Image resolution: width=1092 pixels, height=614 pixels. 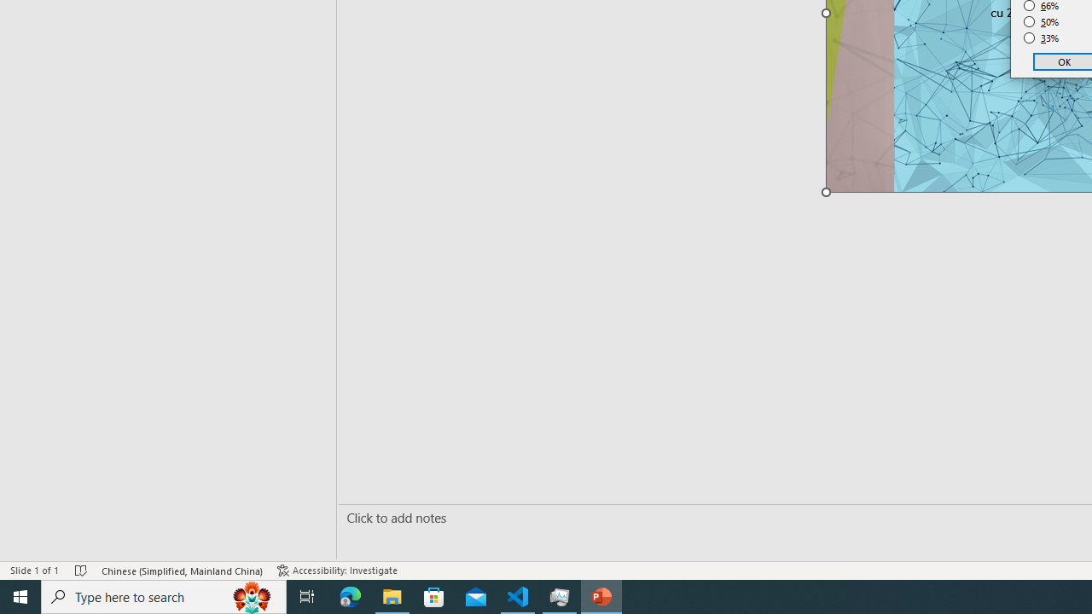 I want to click on 'Search highlights icon opens search home window', so click(x=251, y=595).